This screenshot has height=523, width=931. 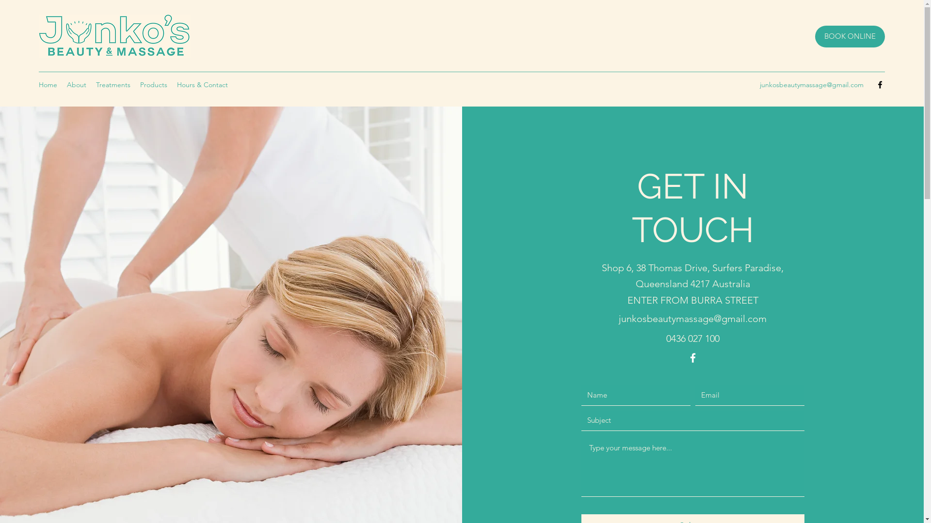 What do you see at coordinates (812, 84) in the screenshot?
I see `'junkosbeautymassage@gmail.com'` at bounding box center [812, 84].